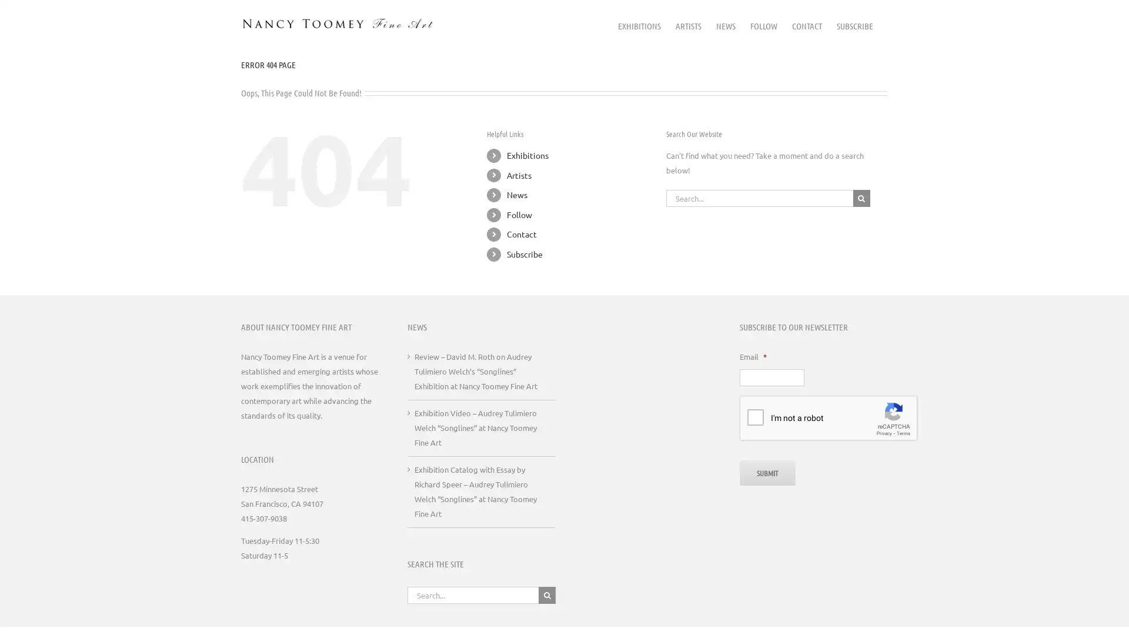 Image resolution: width=1129 pixels, height=635 pixels. Describe the element at coordinates (767, 472) in the screenshot. I see `Submit` at that location.